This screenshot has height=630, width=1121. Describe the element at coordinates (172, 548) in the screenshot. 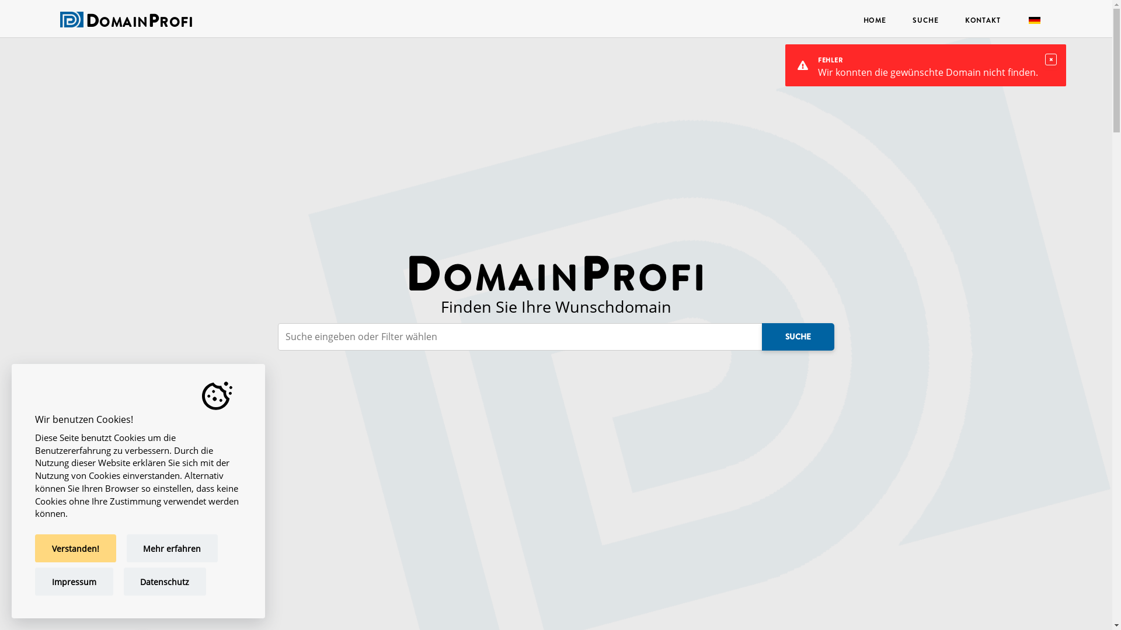

I see `'Mehr erfahren'` at that location.